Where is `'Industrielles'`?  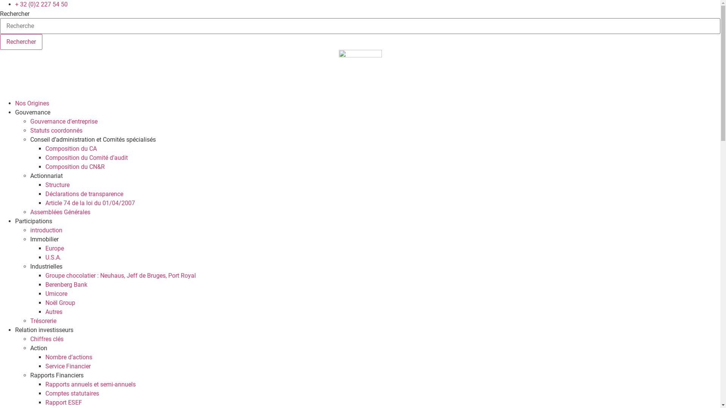 'Industrielles' is located at coordinates (30, 266).